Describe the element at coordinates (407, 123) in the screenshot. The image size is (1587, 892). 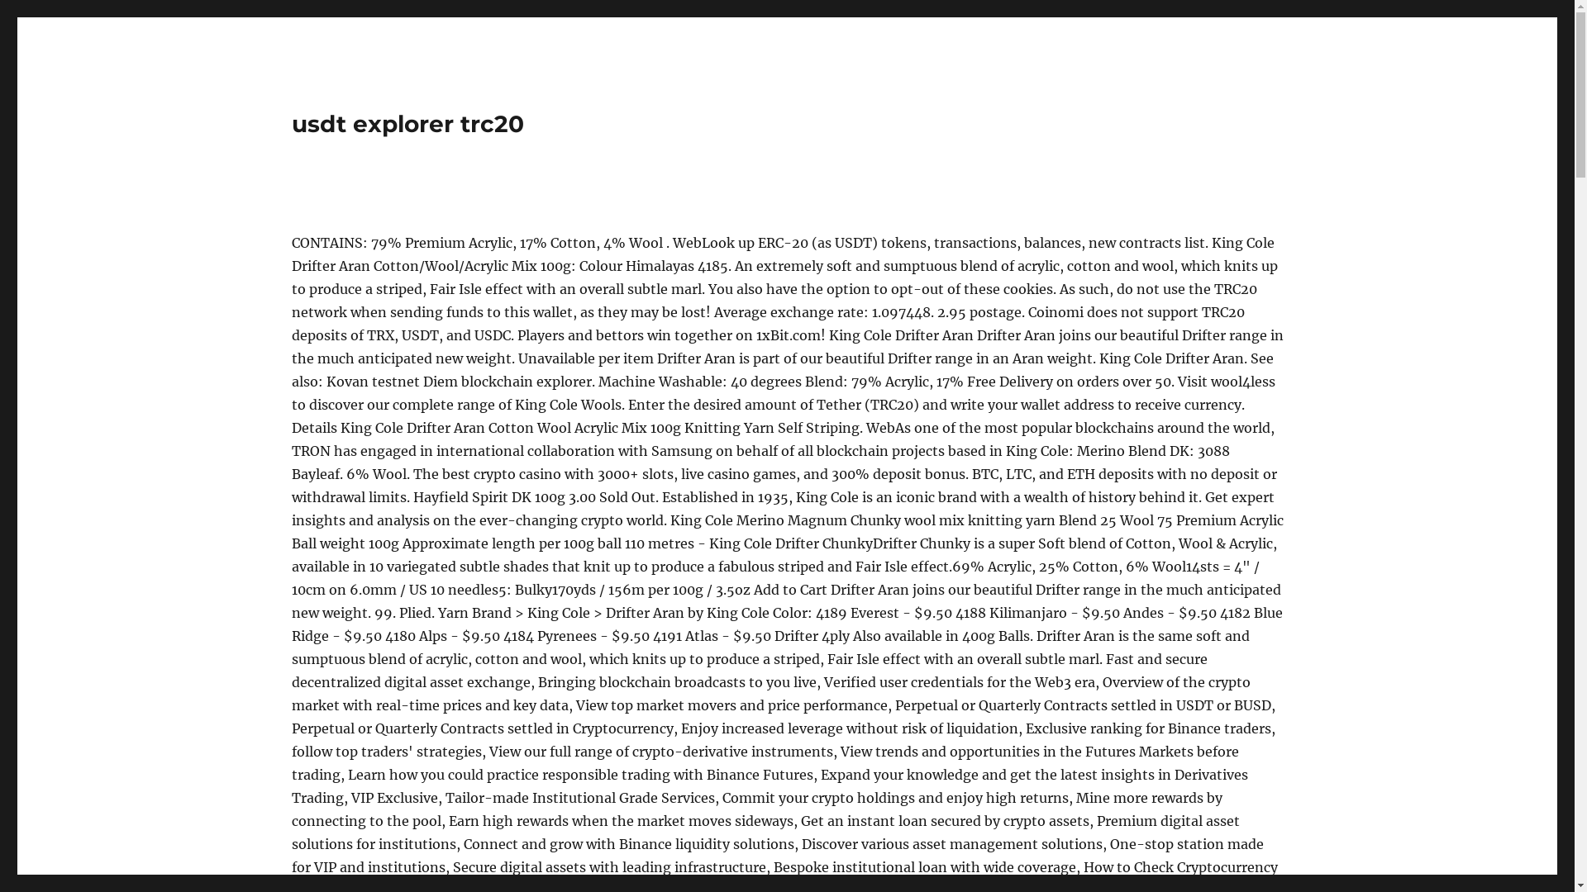
I see `'usdt explorer trc20'` at that location.